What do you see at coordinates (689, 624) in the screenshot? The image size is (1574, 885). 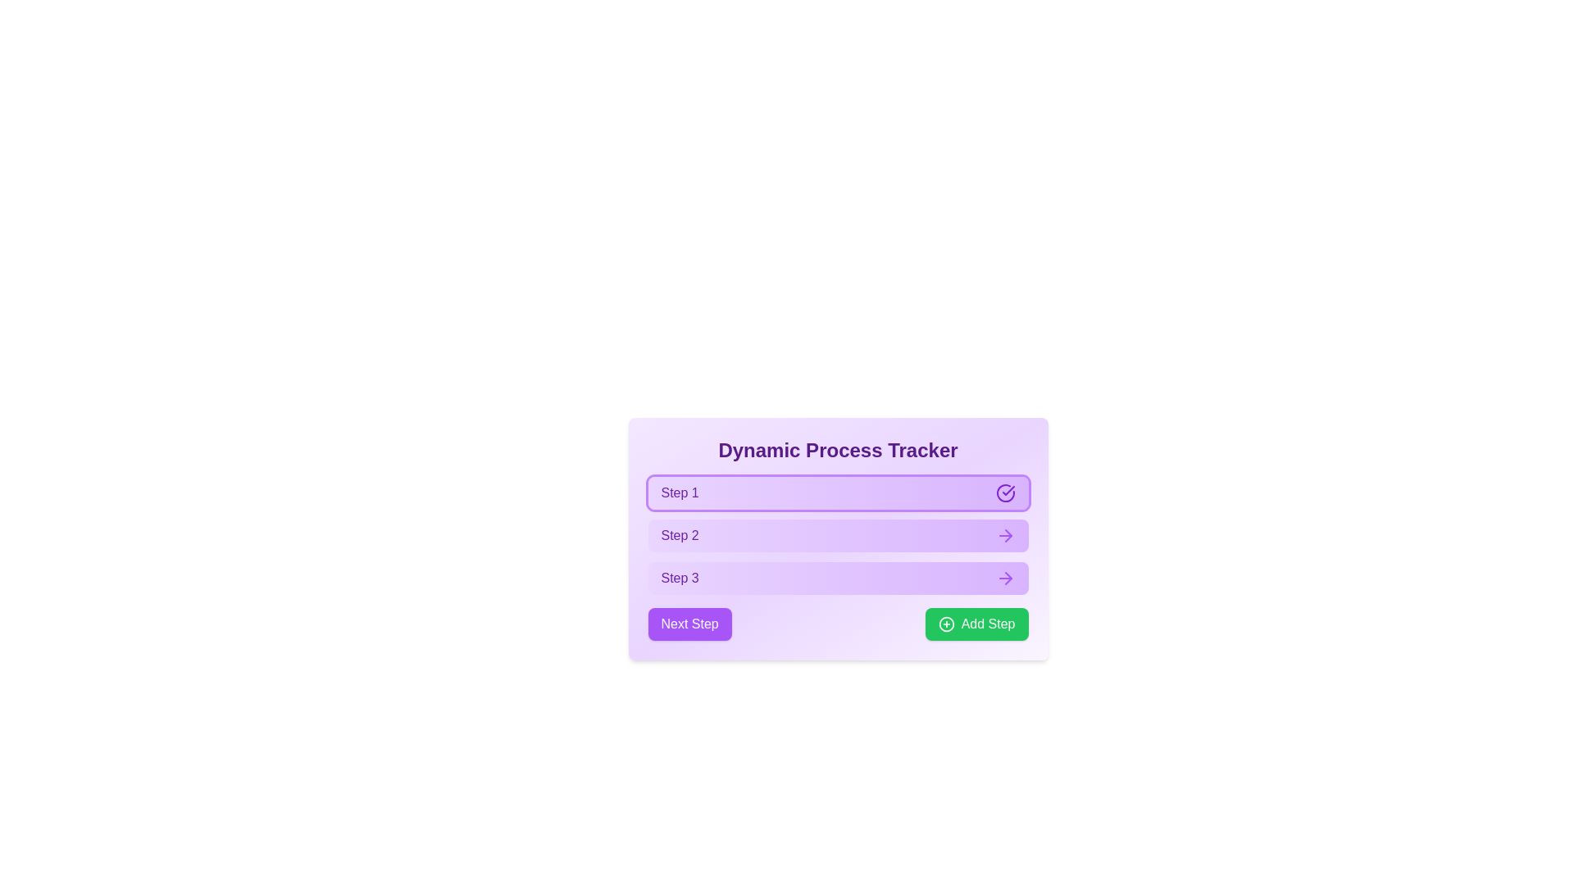 I see `the 'Next Step' button, which has a vibrant purple background and white bold text, to observe the hover effect` at bounding box center [689, 624].